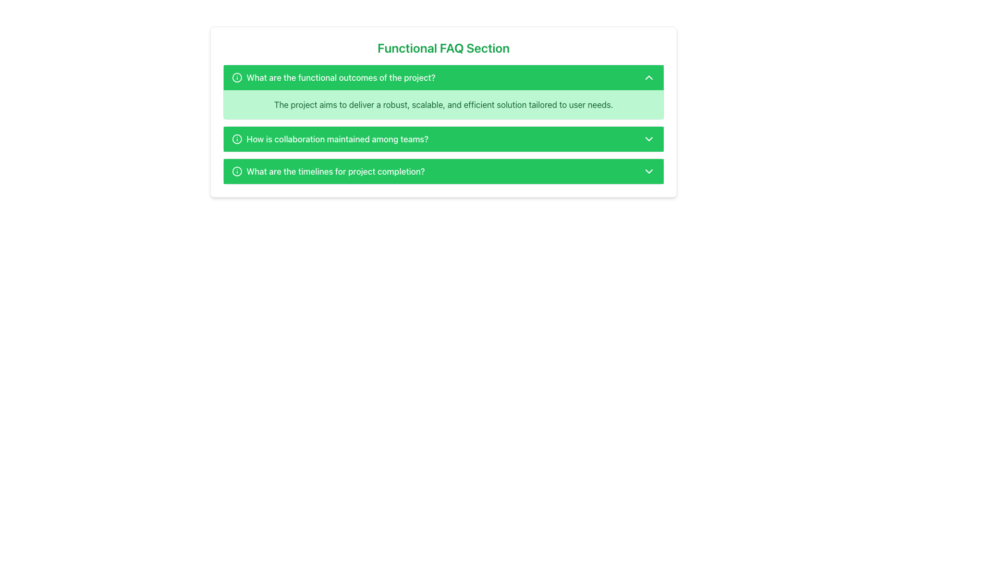  I want to click on the upward-pointing chevron icon with a green background located at the rightmost part of the heading bar of the first FAQ item titled 'What are the functional outcomes of the project?' for visual feedback, so click(648, 77).